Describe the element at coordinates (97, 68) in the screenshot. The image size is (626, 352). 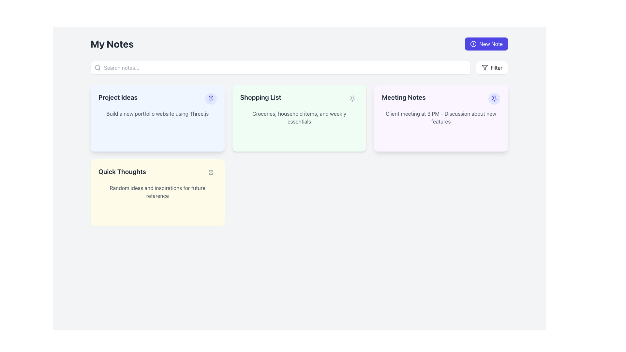
I see `the stylized magnifying glass icon located on the left side of the search bar, near the placeholder text 'Search notes...'` at that location.